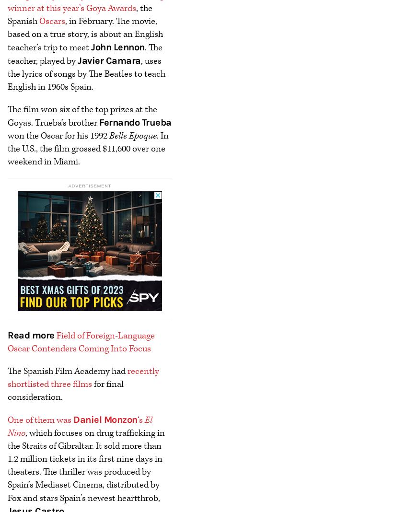 This screenshot has height=512, width=407. I want to click on 'Field of Foreign-Language Oscar Contenders Coming Into Focus', so click(81, 341).